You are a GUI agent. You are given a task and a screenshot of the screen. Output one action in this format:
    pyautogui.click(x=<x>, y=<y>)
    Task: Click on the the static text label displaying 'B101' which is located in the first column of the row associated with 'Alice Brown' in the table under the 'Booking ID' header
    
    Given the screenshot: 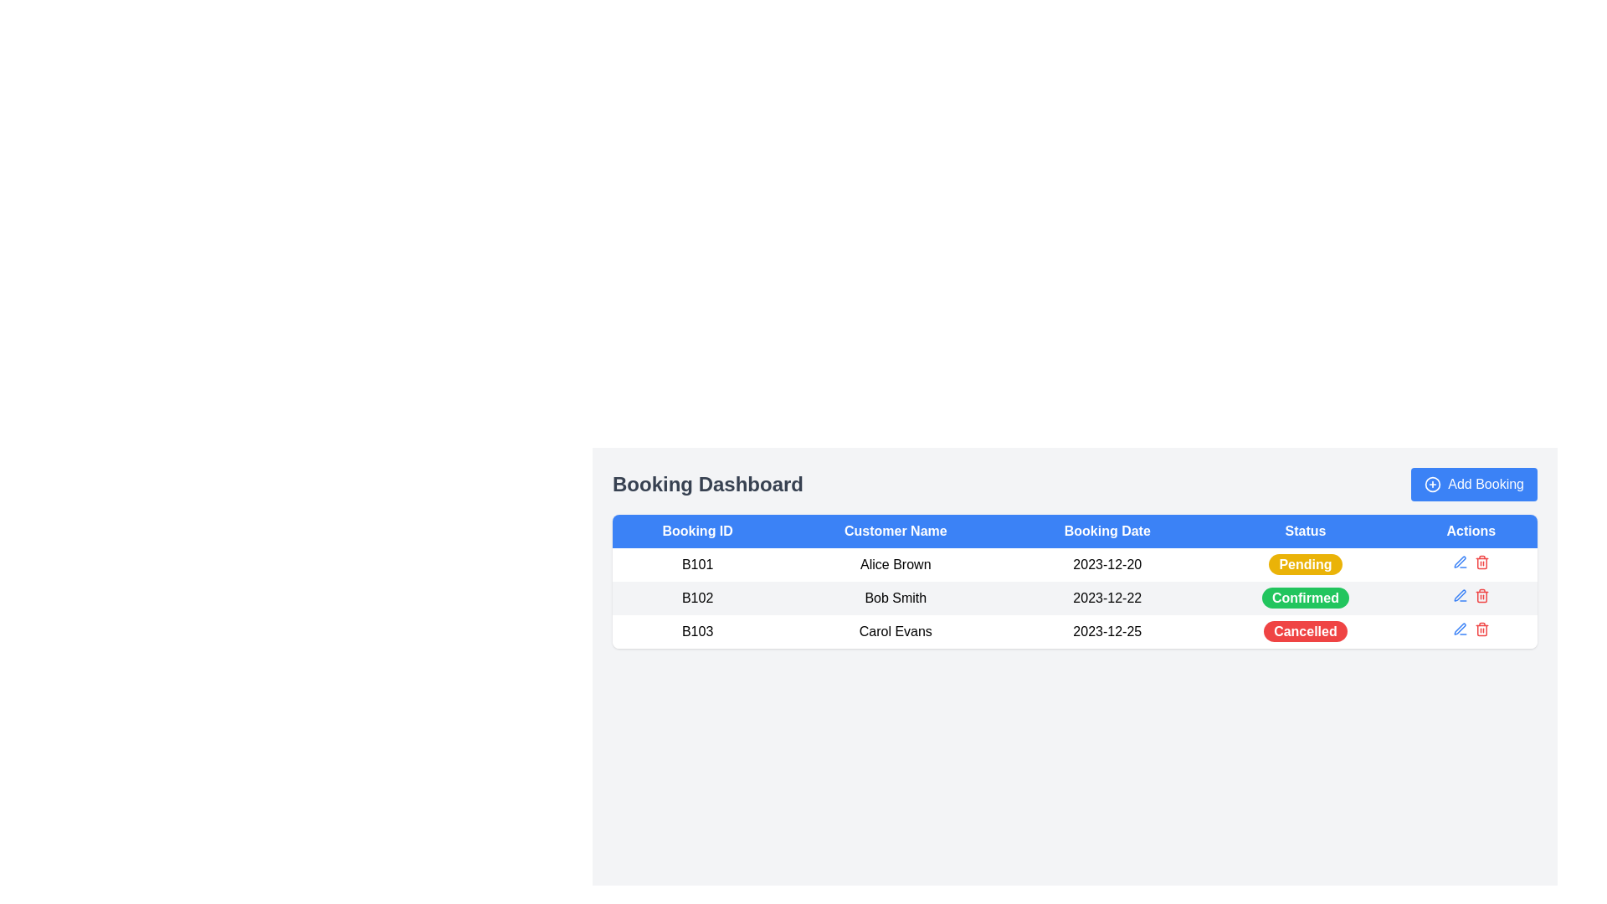 What is the action you would take?
    pyautogui.click(x=697, y=565)
    